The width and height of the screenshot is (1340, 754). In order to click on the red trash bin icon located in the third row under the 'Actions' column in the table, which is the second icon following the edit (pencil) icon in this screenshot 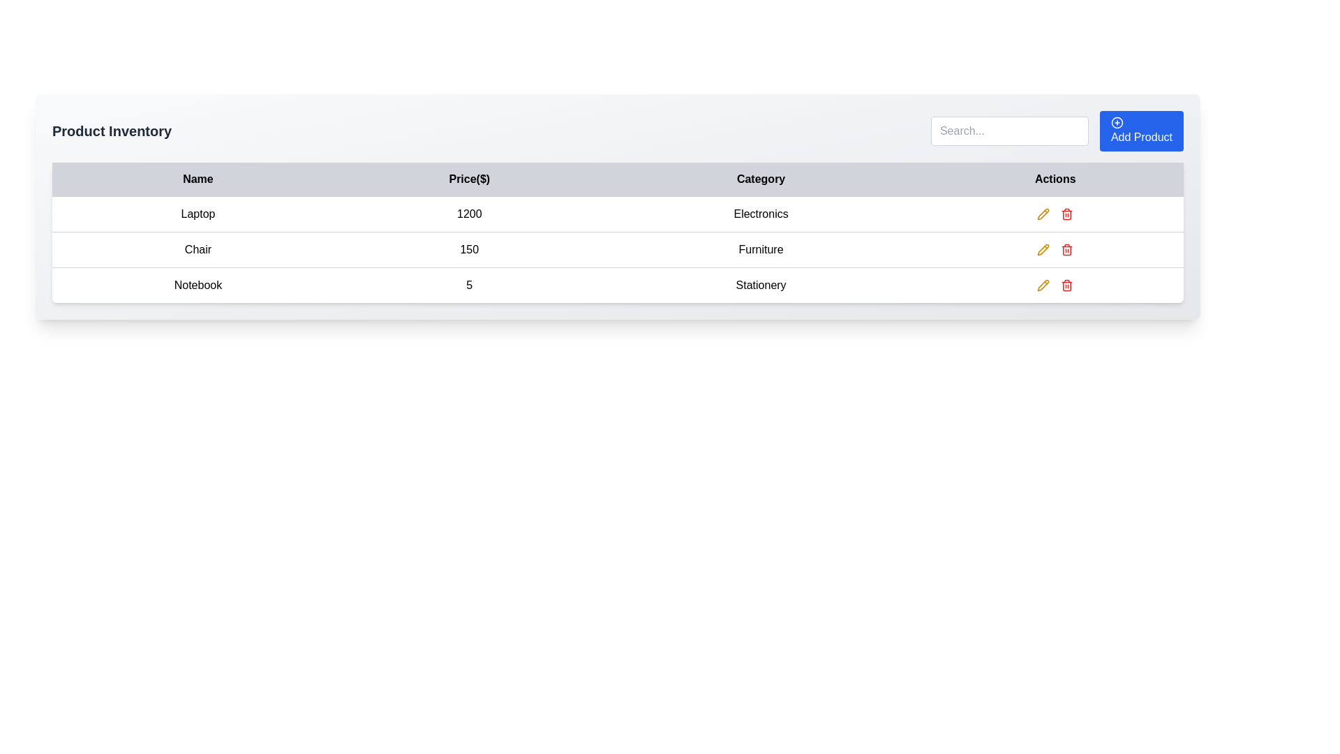, I will do `click(1066, 284)`.